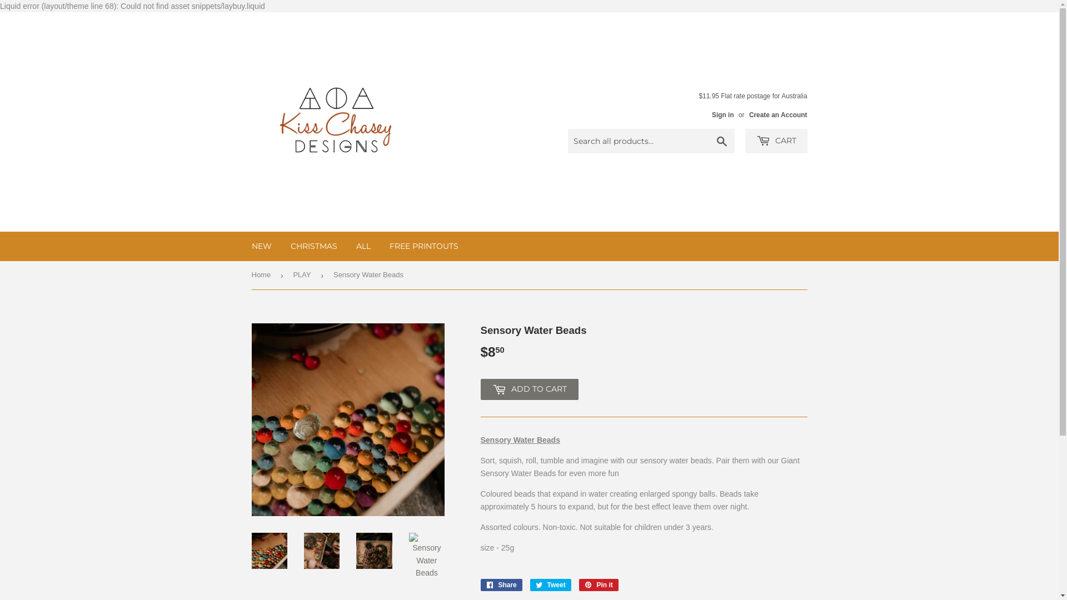 This screenshot has height=600, width=1067. I want to click on 'ADD TO CART', so click(480, 389).